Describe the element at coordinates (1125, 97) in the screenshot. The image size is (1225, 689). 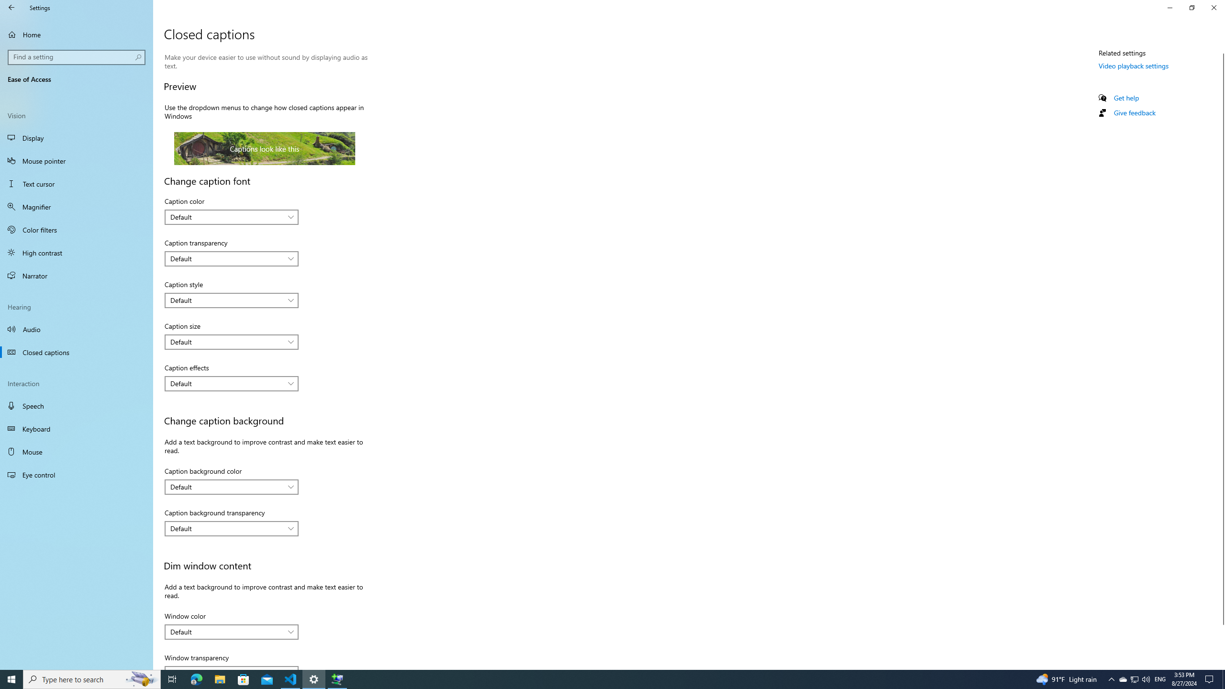
I see `'Get help'` at that location.